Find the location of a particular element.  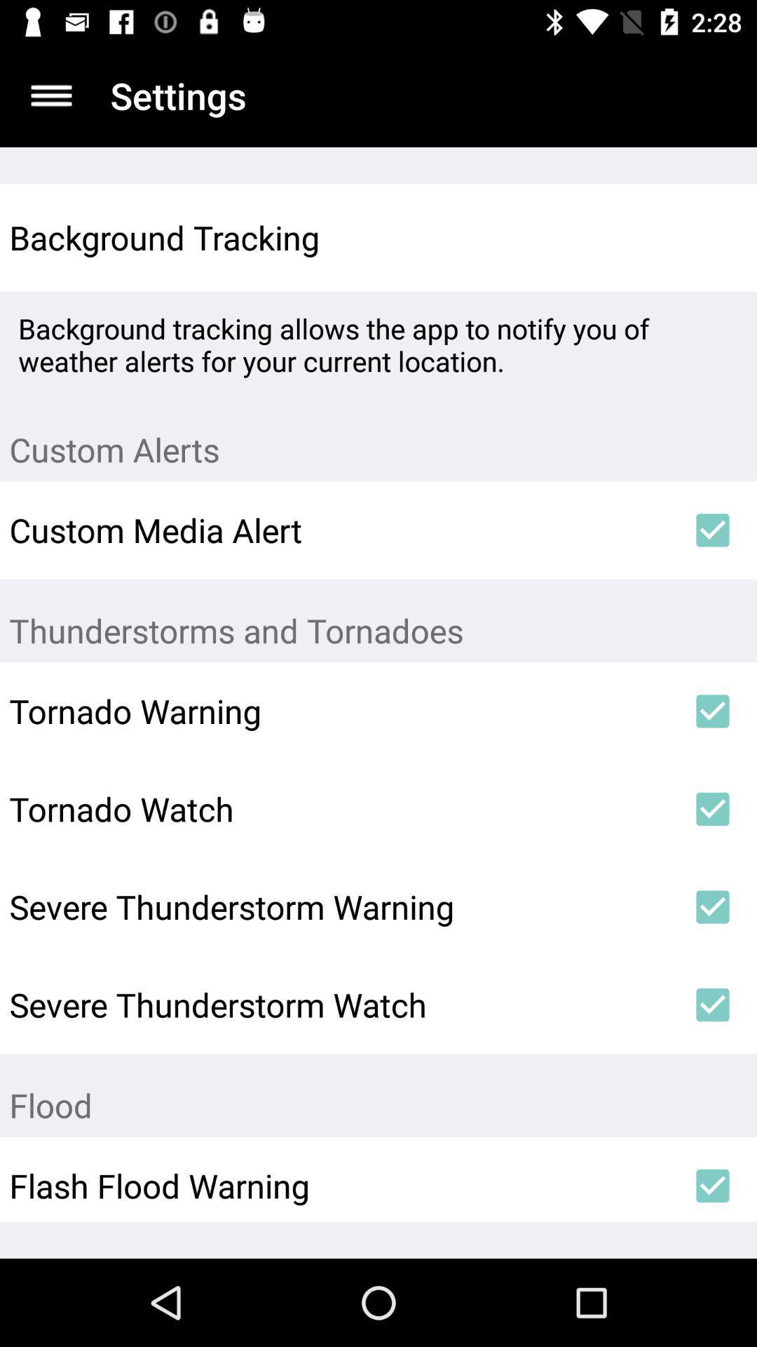

the icon above the background tracking allows icon is located at coordinates (713, 238).